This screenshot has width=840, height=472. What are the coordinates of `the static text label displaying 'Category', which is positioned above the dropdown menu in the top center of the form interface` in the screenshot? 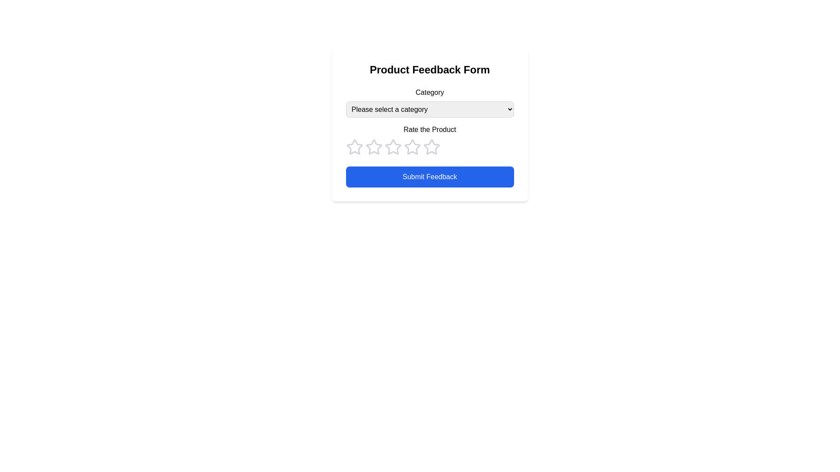 It's located at (430, 93).